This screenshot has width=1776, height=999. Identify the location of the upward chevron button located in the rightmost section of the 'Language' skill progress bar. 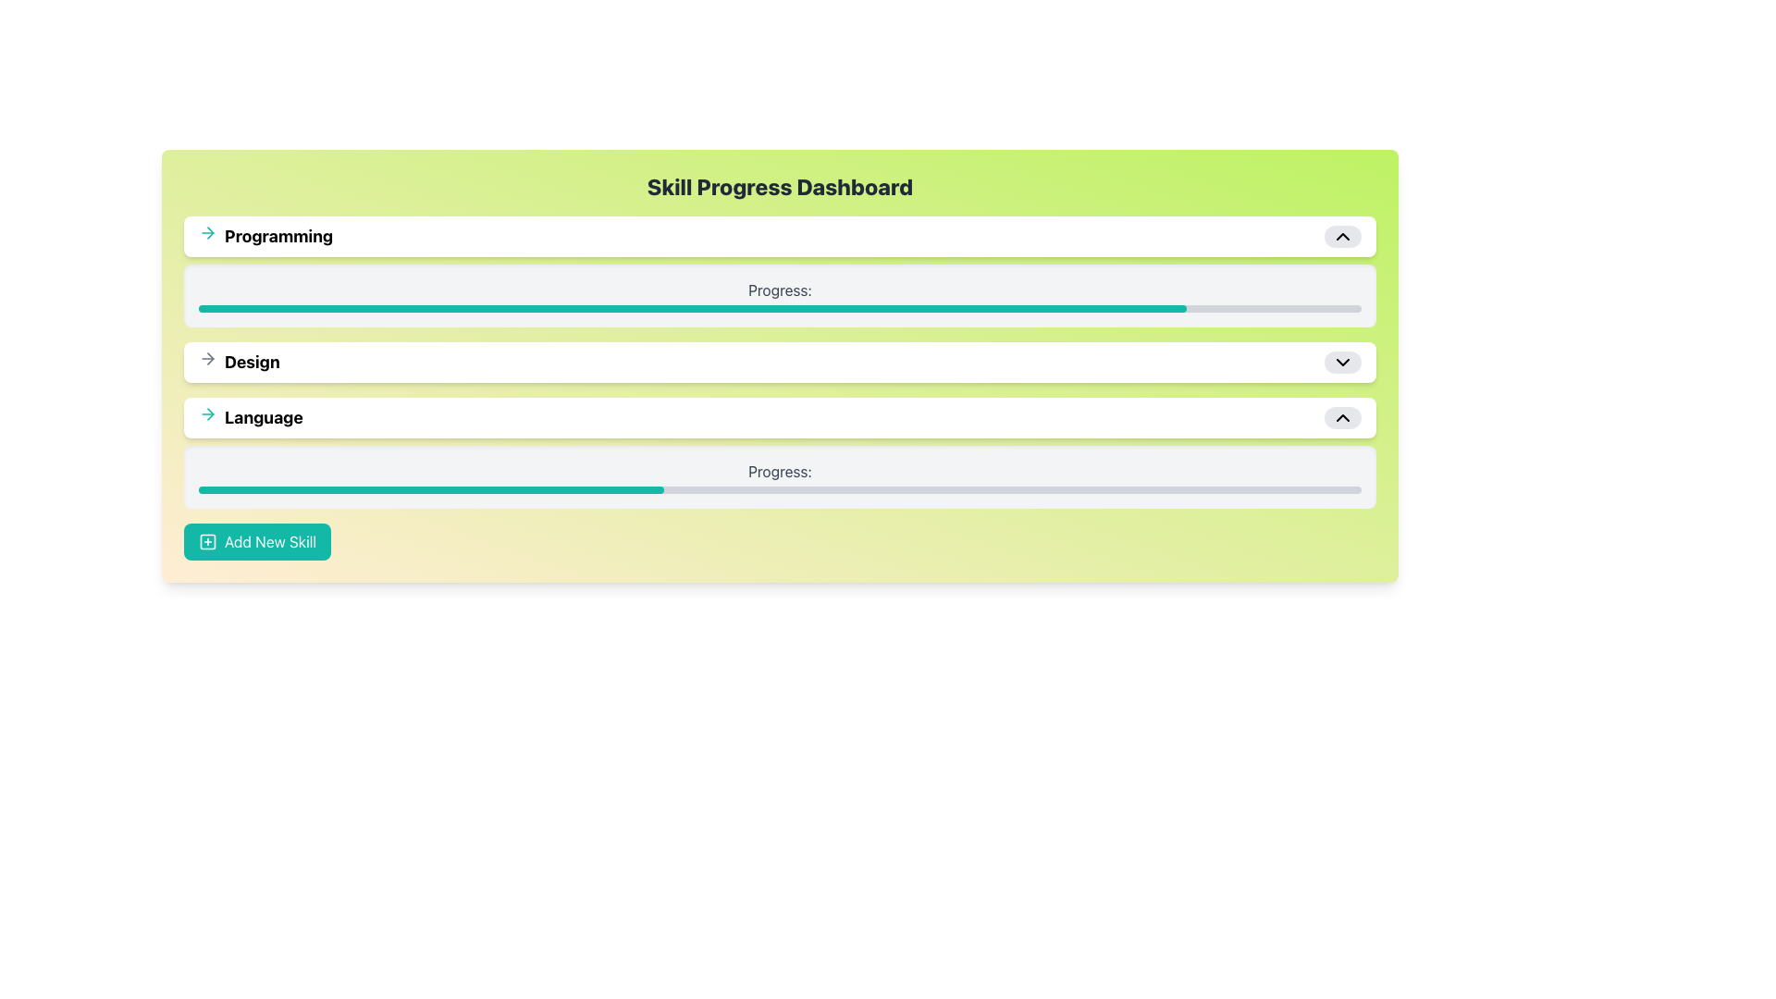
(1342, 417).